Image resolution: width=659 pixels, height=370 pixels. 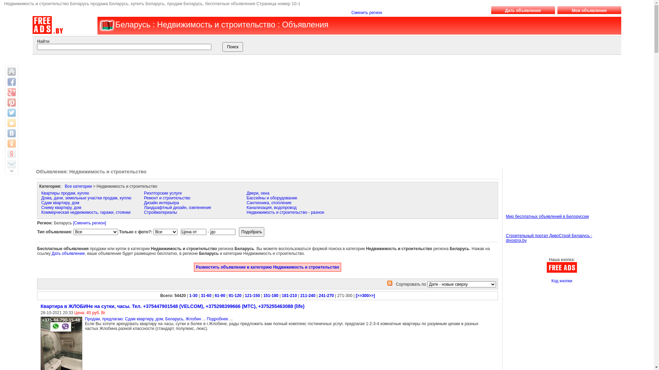 What do you see at coordinates (11, 102) in the screenshot?
I see `'Pin It'` at bounding box center [11, 102].